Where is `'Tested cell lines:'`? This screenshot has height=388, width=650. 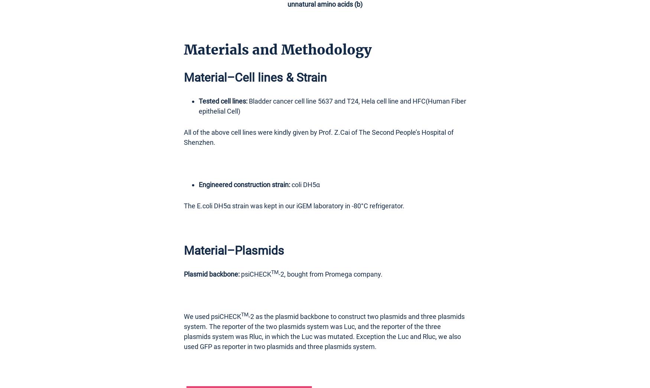
'Tested cell lines:' is located at coordinates (223, 100).